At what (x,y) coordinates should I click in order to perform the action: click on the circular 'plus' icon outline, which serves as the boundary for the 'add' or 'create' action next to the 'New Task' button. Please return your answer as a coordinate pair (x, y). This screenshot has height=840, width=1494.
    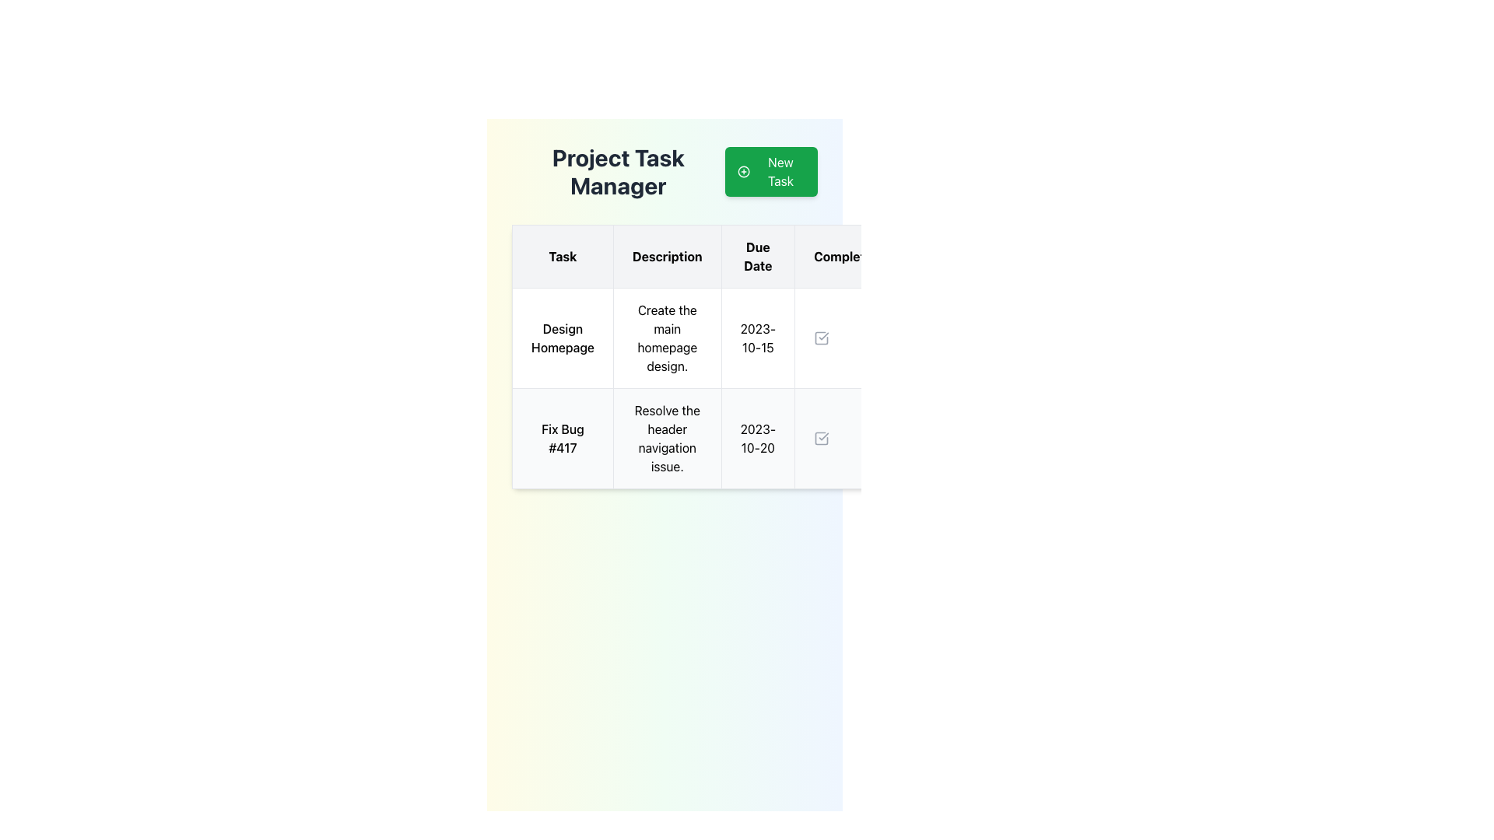
    Looking at the image, I should click on (742, 171).